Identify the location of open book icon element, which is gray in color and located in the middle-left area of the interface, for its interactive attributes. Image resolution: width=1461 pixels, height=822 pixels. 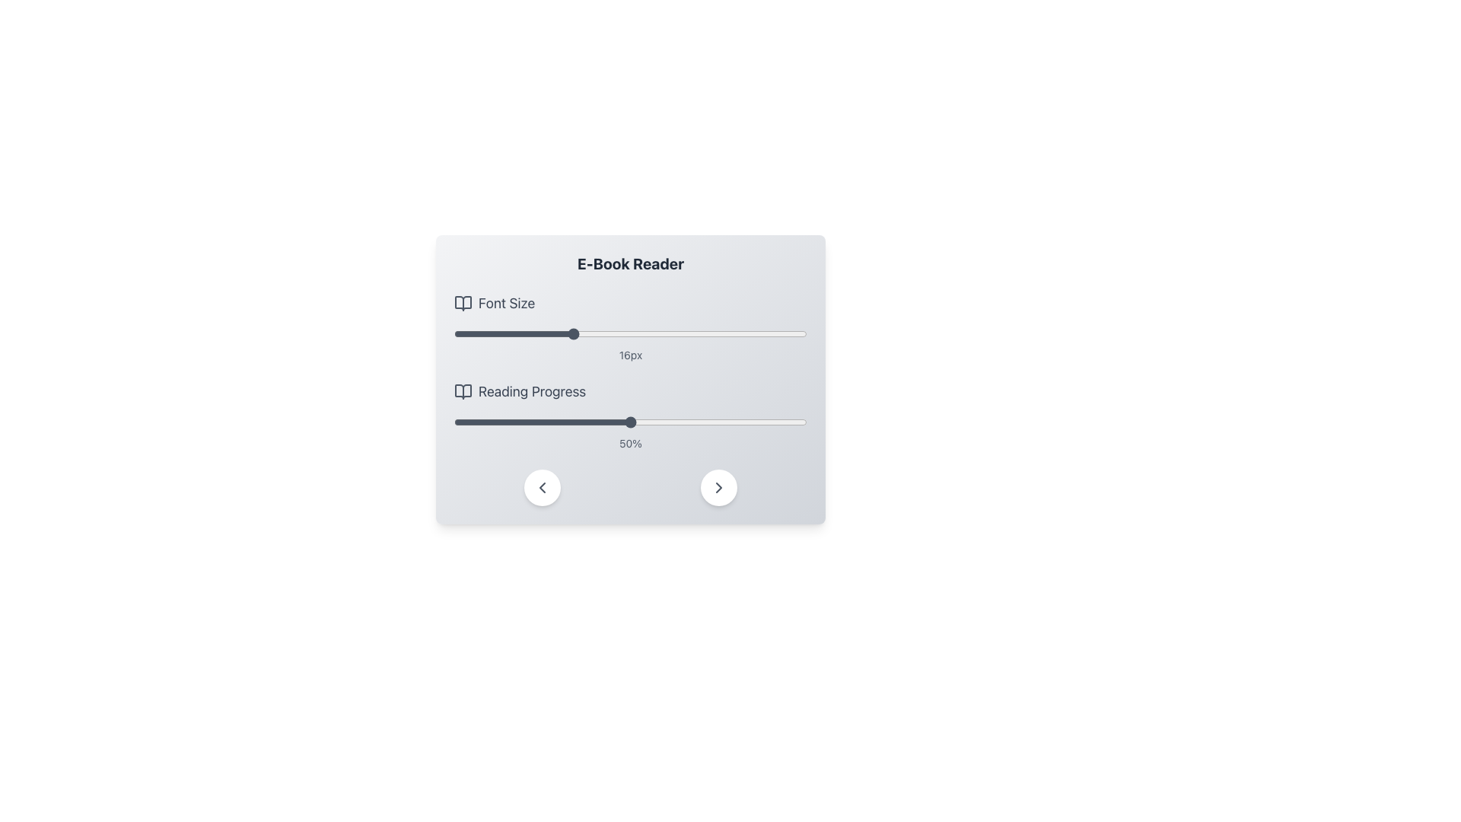
(463, 391).